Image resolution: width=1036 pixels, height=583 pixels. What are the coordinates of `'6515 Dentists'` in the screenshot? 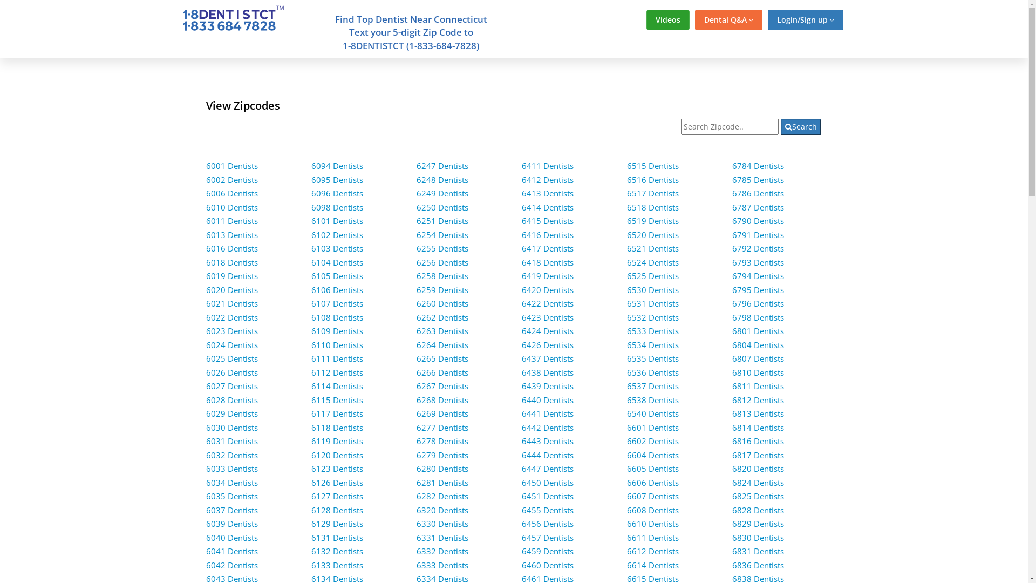 It's located at (652, 166).